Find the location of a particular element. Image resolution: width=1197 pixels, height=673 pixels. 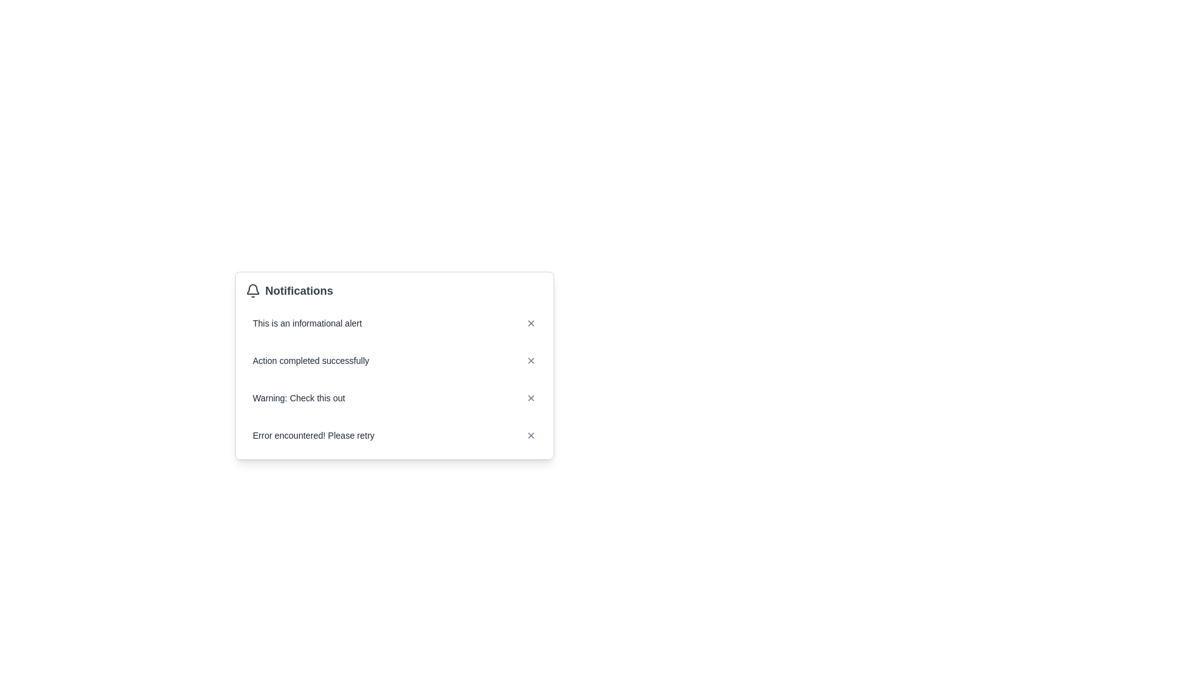

the interactive close icon positioned at the far-right corner of the notification bar labeled 'Warning: Check this out' is located at coordinates (531, 398).